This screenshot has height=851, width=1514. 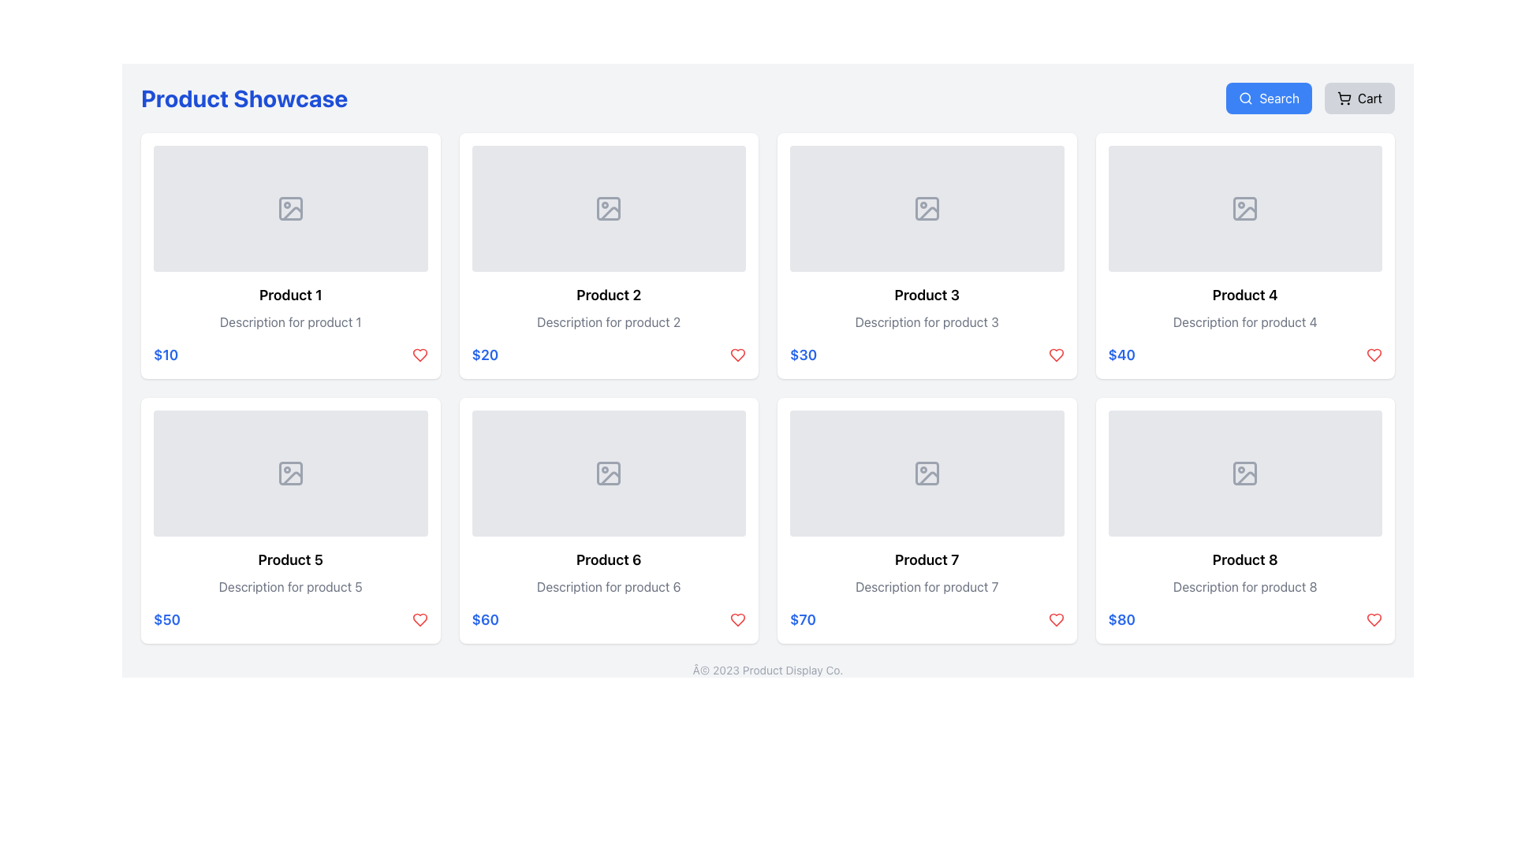 I want to click on the fourth product card in the e-commerce interface, so click(x=1244, y=255).